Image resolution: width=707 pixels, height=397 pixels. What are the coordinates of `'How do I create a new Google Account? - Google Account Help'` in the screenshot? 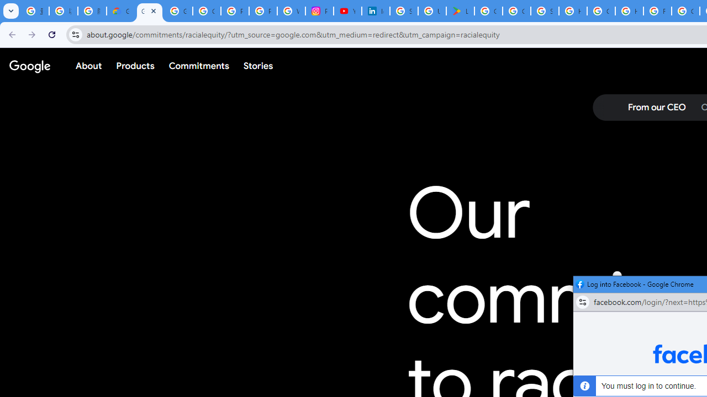 It's located at (629, 11).